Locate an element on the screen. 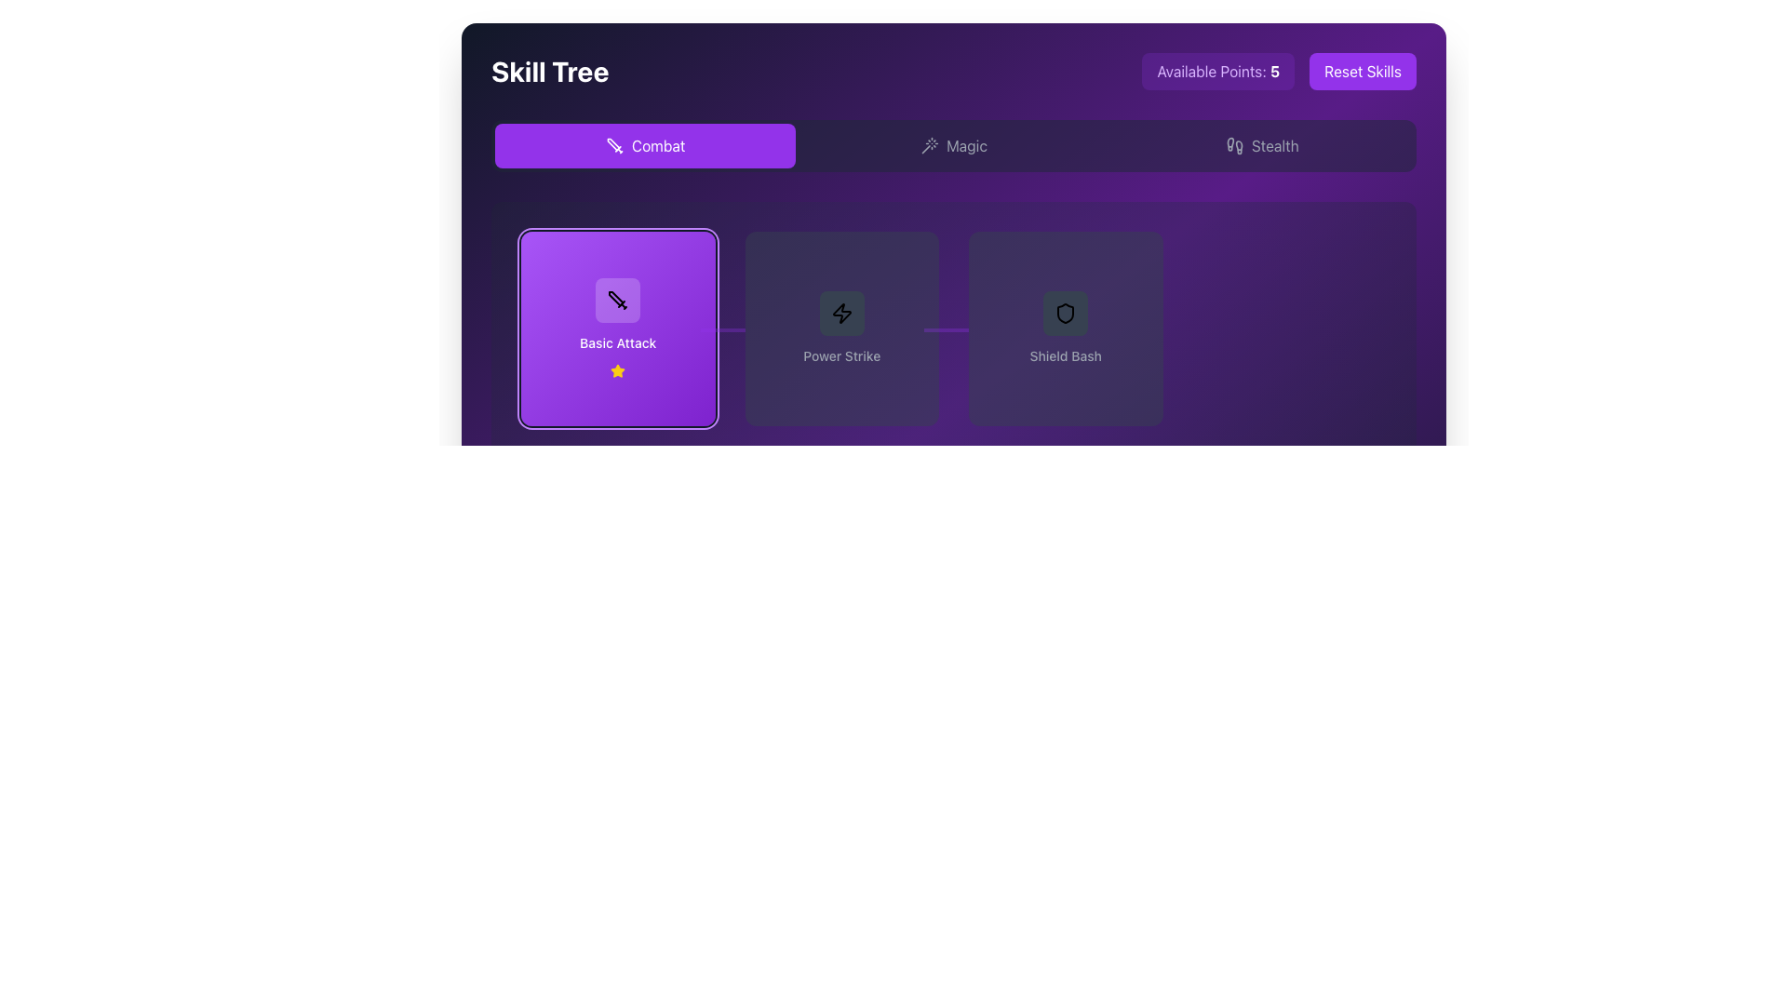 This screenshot has width=1787, height=1005. the static text label indicating available points in the skill tree, located in the top-right corner of the interface is located at coordinates (1214, 71).